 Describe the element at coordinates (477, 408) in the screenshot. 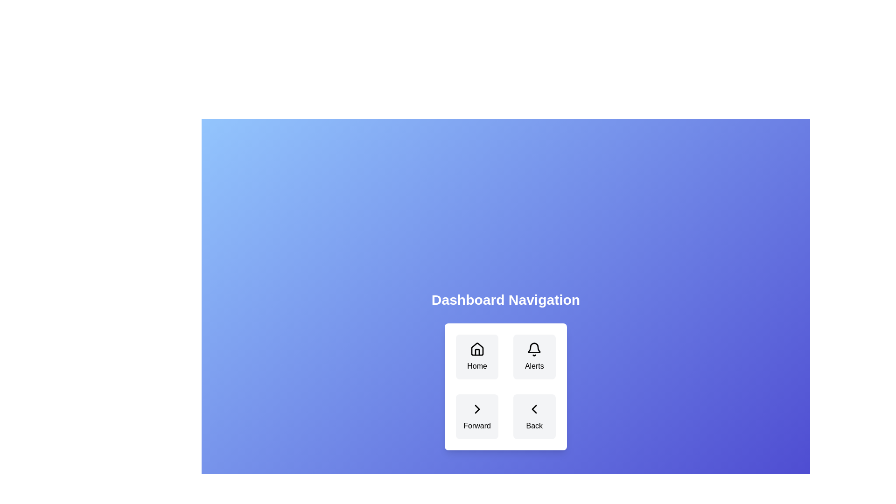

I see `the forward navigation icon, which is an arrow icon located at the bottom-left corner of the 2x2 grid in the 'Dashboard Navigation' section` at that location.